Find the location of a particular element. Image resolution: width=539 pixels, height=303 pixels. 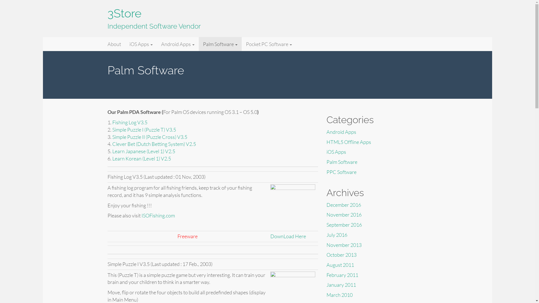

'DownLoad Here' is located at coordinates (270, 236).